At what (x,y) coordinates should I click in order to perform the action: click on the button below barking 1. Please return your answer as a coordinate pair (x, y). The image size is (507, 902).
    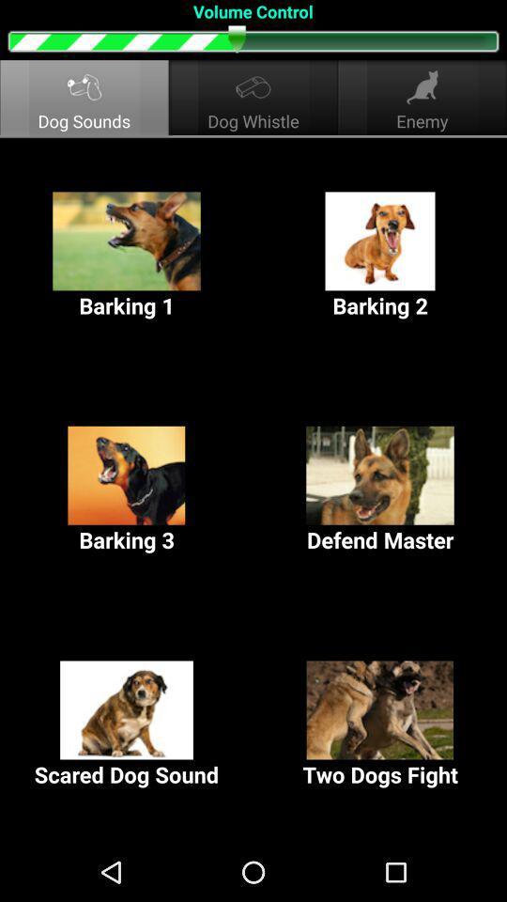
    Looking at the image, I should click on (127, 490).